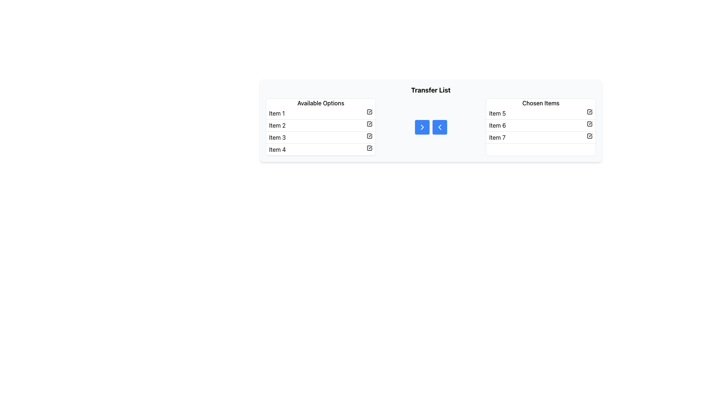 Image resolution: width=702 pixels, height=395 pixels. What do you see at coordinates (439, 127) in the screenshot?
I see `the left-pointing arrow icon embedded in a blue button located in the 'Transfer List' section` at bounding box center [439, 127].